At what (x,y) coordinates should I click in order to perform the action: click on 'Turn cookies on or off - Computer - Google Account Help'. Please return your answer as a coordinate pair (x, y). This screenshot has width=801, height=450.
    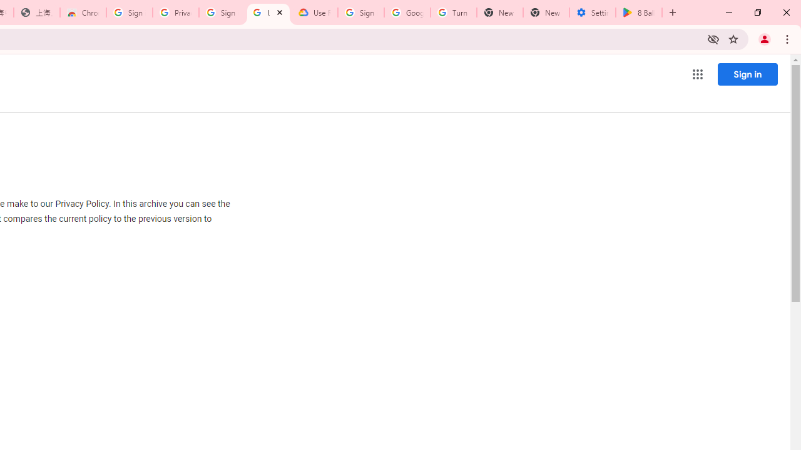
    Looking at the image, I should click on (452, 12).